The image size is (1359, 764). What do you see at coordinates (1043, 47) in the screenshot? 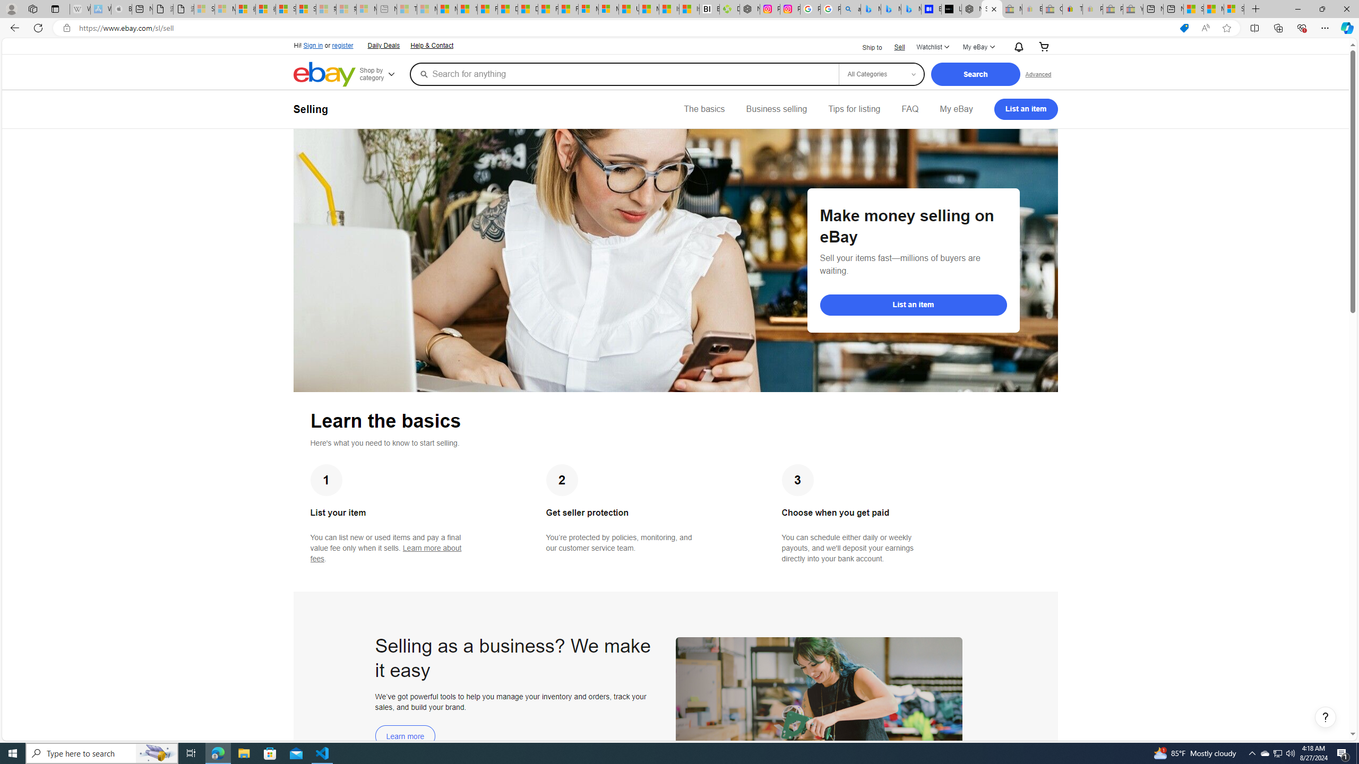
I see `'Expand Cart'` at bounding box center [1043, 47].